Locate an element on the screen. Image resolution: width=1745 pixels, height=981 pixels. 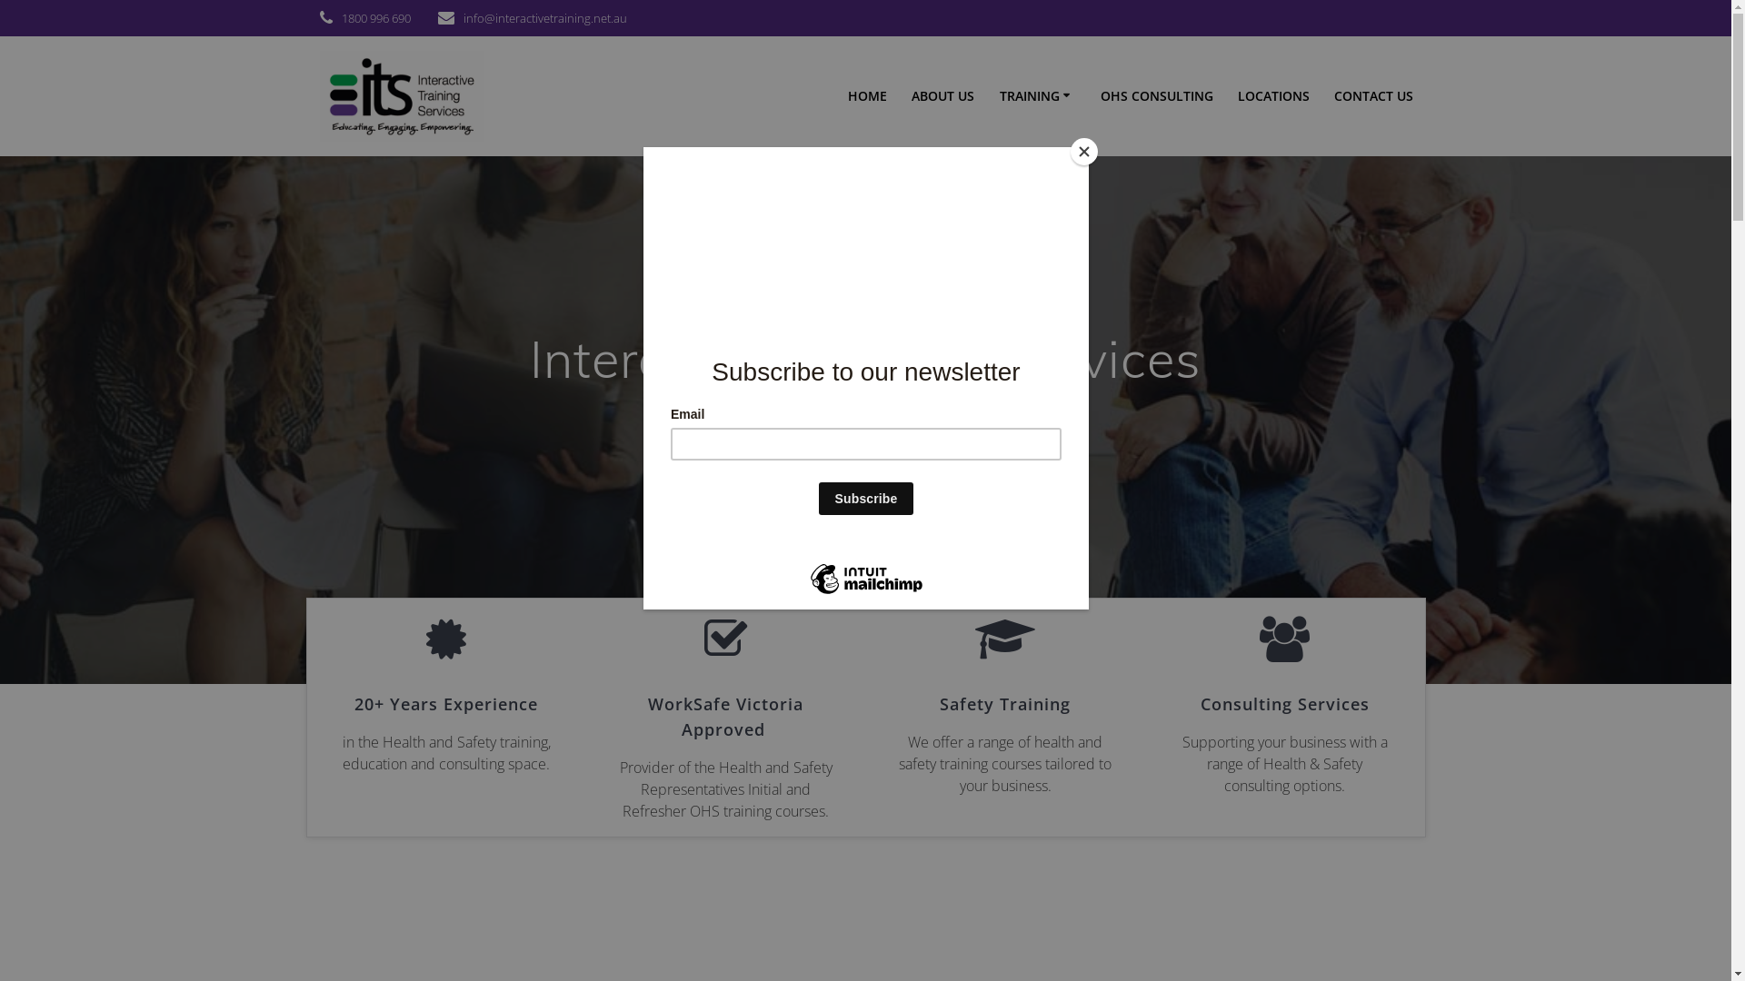
'ABOUT US' is located at coordinates (942, 95).